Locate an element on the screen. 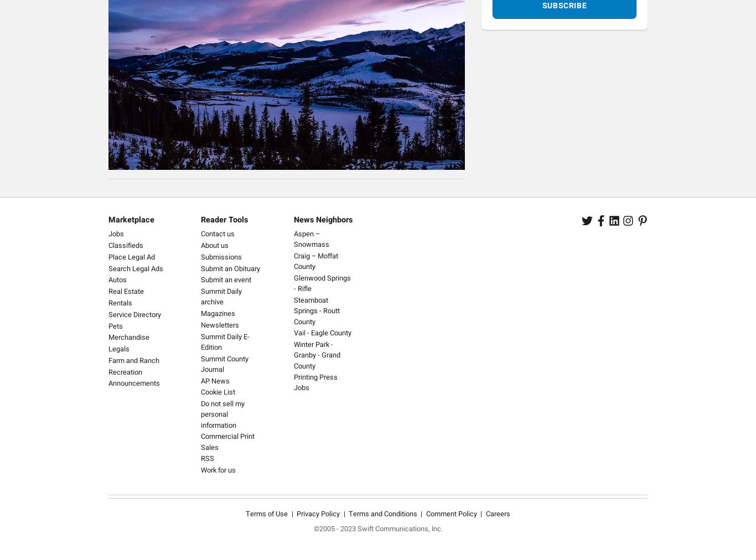 The image size is (756, 560). 'Reader Tools' is located at coordinates (224, 220).